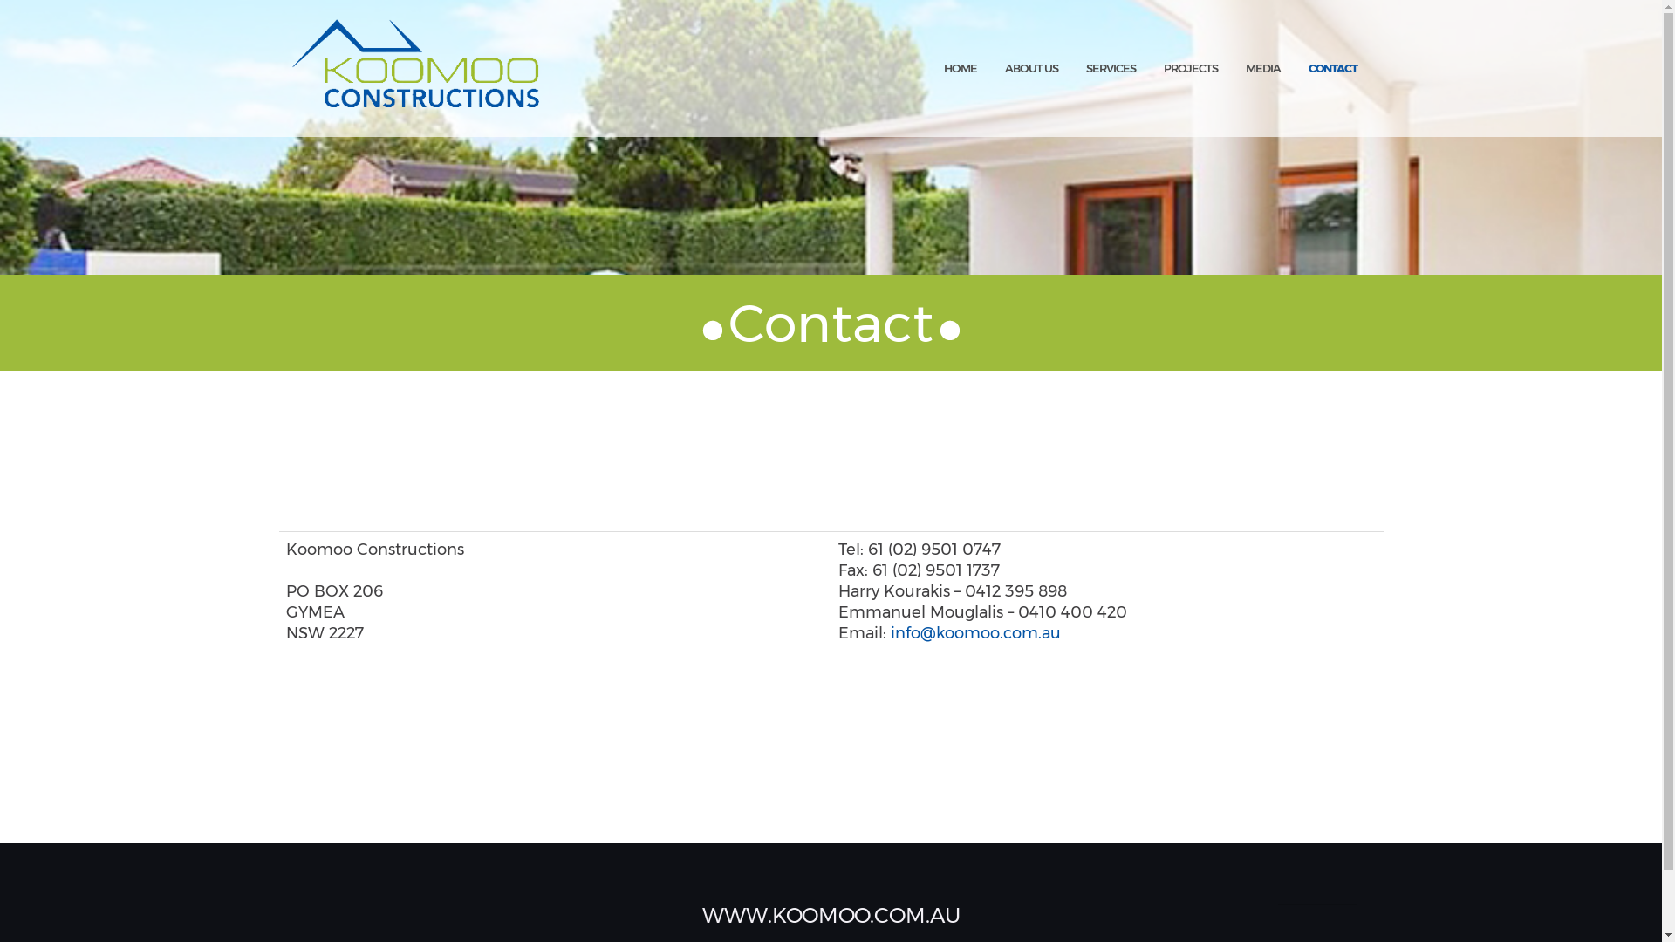 The image size is (1675, 942). Describe the element at coordinates (1263, 68) in the screenshot. I see `'MEDIA'` at that location.